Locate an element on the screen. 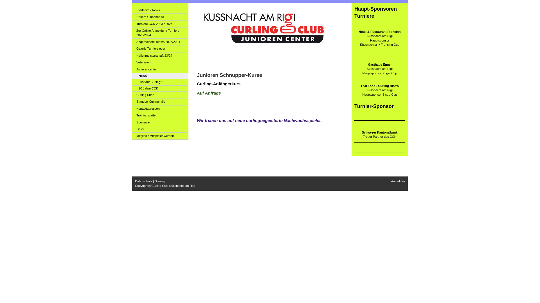 This screenshot has height=303, width=540. 'Anmelden' is located at coordinates (398, 181).